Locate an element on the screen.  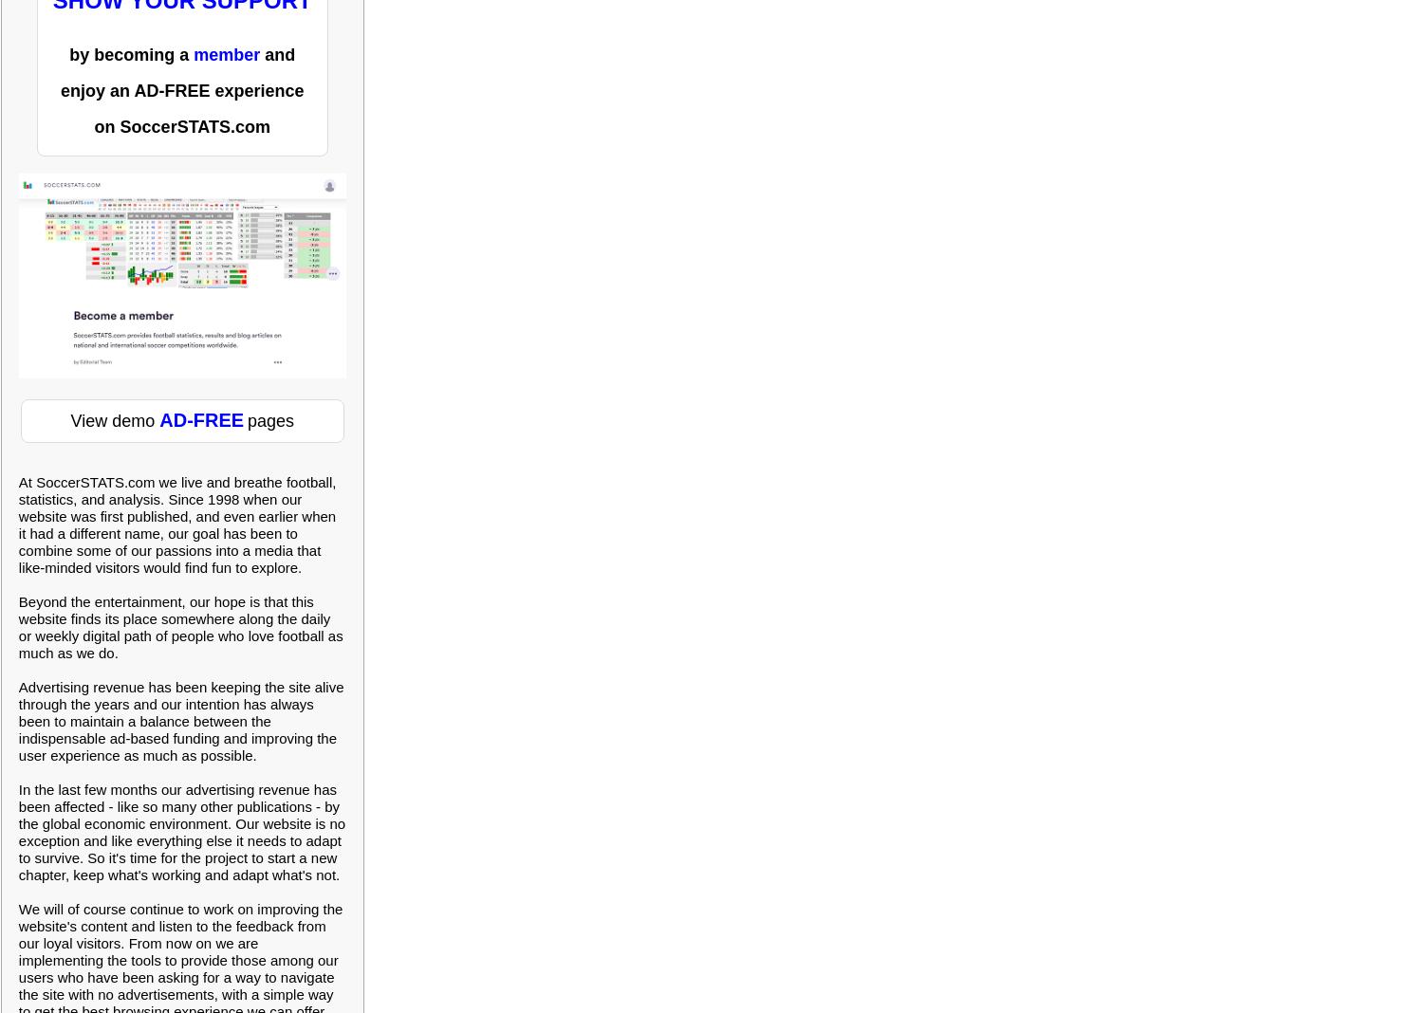
'At SoccerSTATS.com we live and breathe football, statistics, and analysis. Since 1998 when our website was first published, and even earlier when it had a different name, our goal has been to combine some of our passions into a media that like-minded visitors would find fun to explore.' is located at coordinates (17, 524).